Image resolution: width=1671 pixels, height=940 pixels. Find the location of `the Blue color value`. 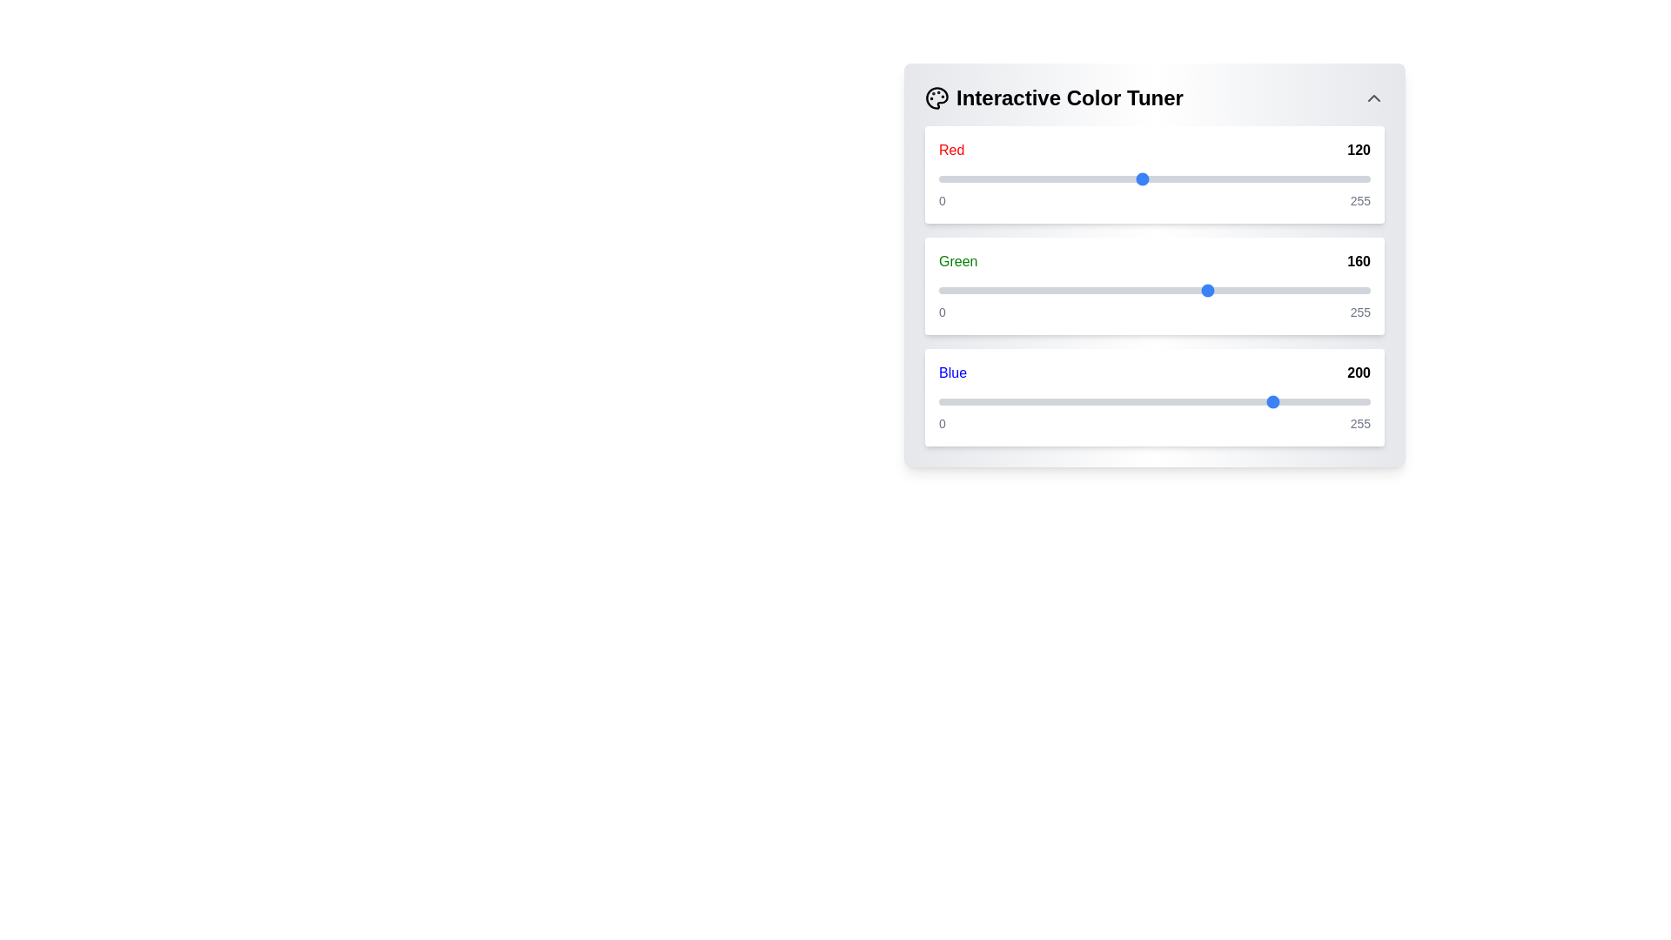

the Blue color value is located at coordinates (1068, 402).